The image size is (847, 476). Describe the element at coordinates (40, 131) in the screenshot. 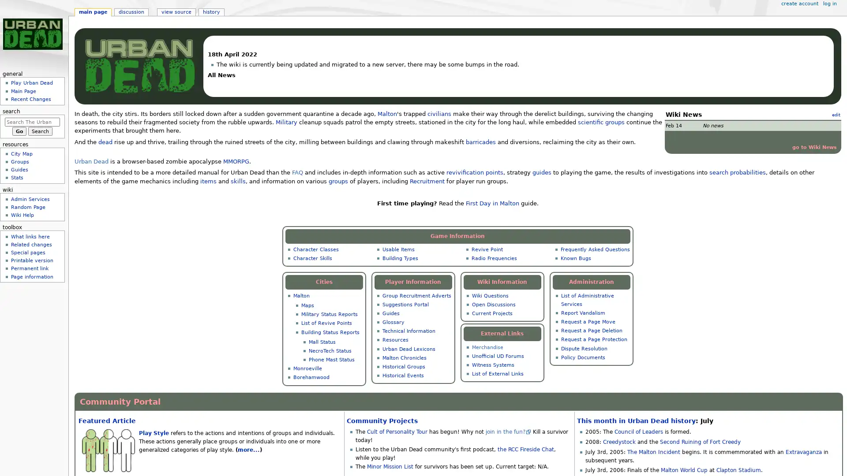

I see `Search` at that location.